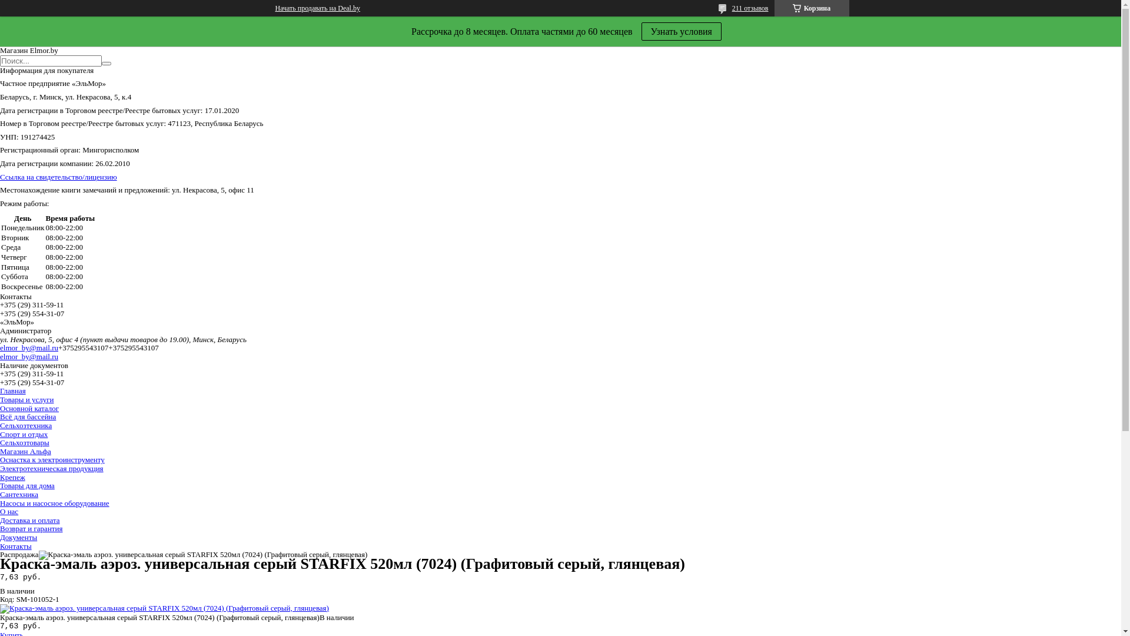 The height and width of the screenshot is (636, 1130). Describe the element at coordinates (29, 356) in the screenshot. I see `'elmor_by@mail.ru'` at that location.